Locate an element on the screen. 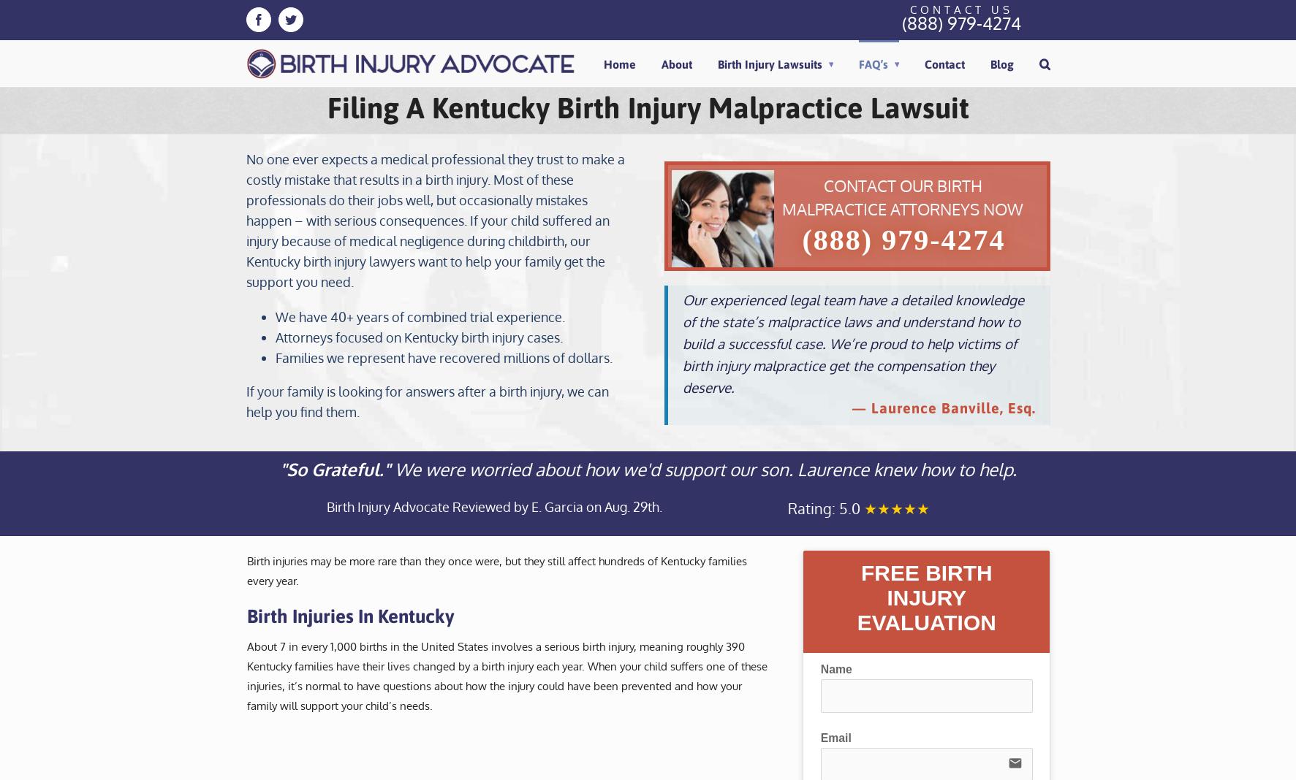 The height and width of the screenshot is (780, 1296). 'We have 40+ years of combined trial experience.' is located at coordinates (419, 317).